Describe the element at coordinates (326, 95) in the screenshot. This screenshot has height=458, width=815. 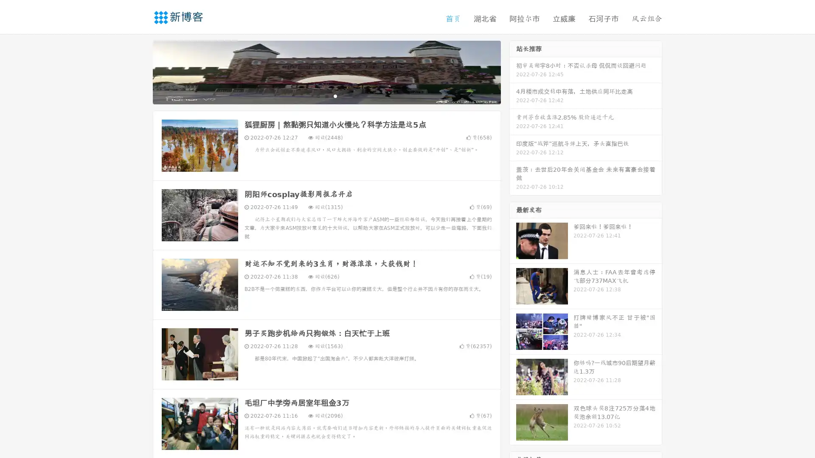
I see `Go to slide 2` at that location.